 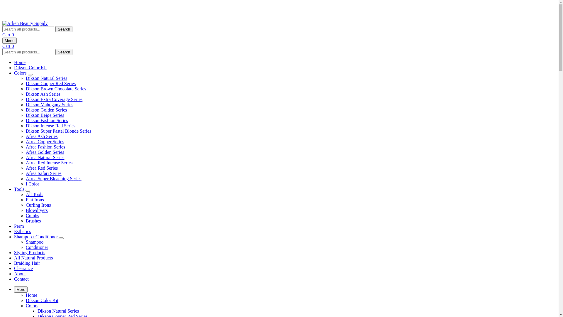 I want to click on 'Tools', so click(x=20, y=189).